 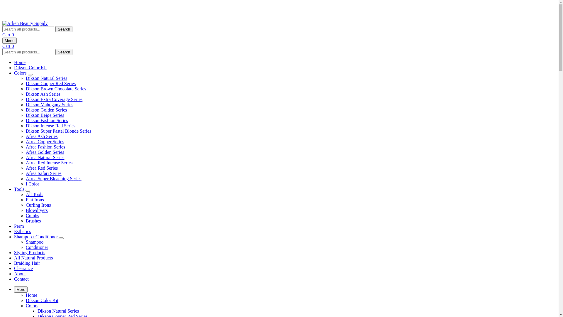 I want to click on 'Tools', so click(x=20, y=189).